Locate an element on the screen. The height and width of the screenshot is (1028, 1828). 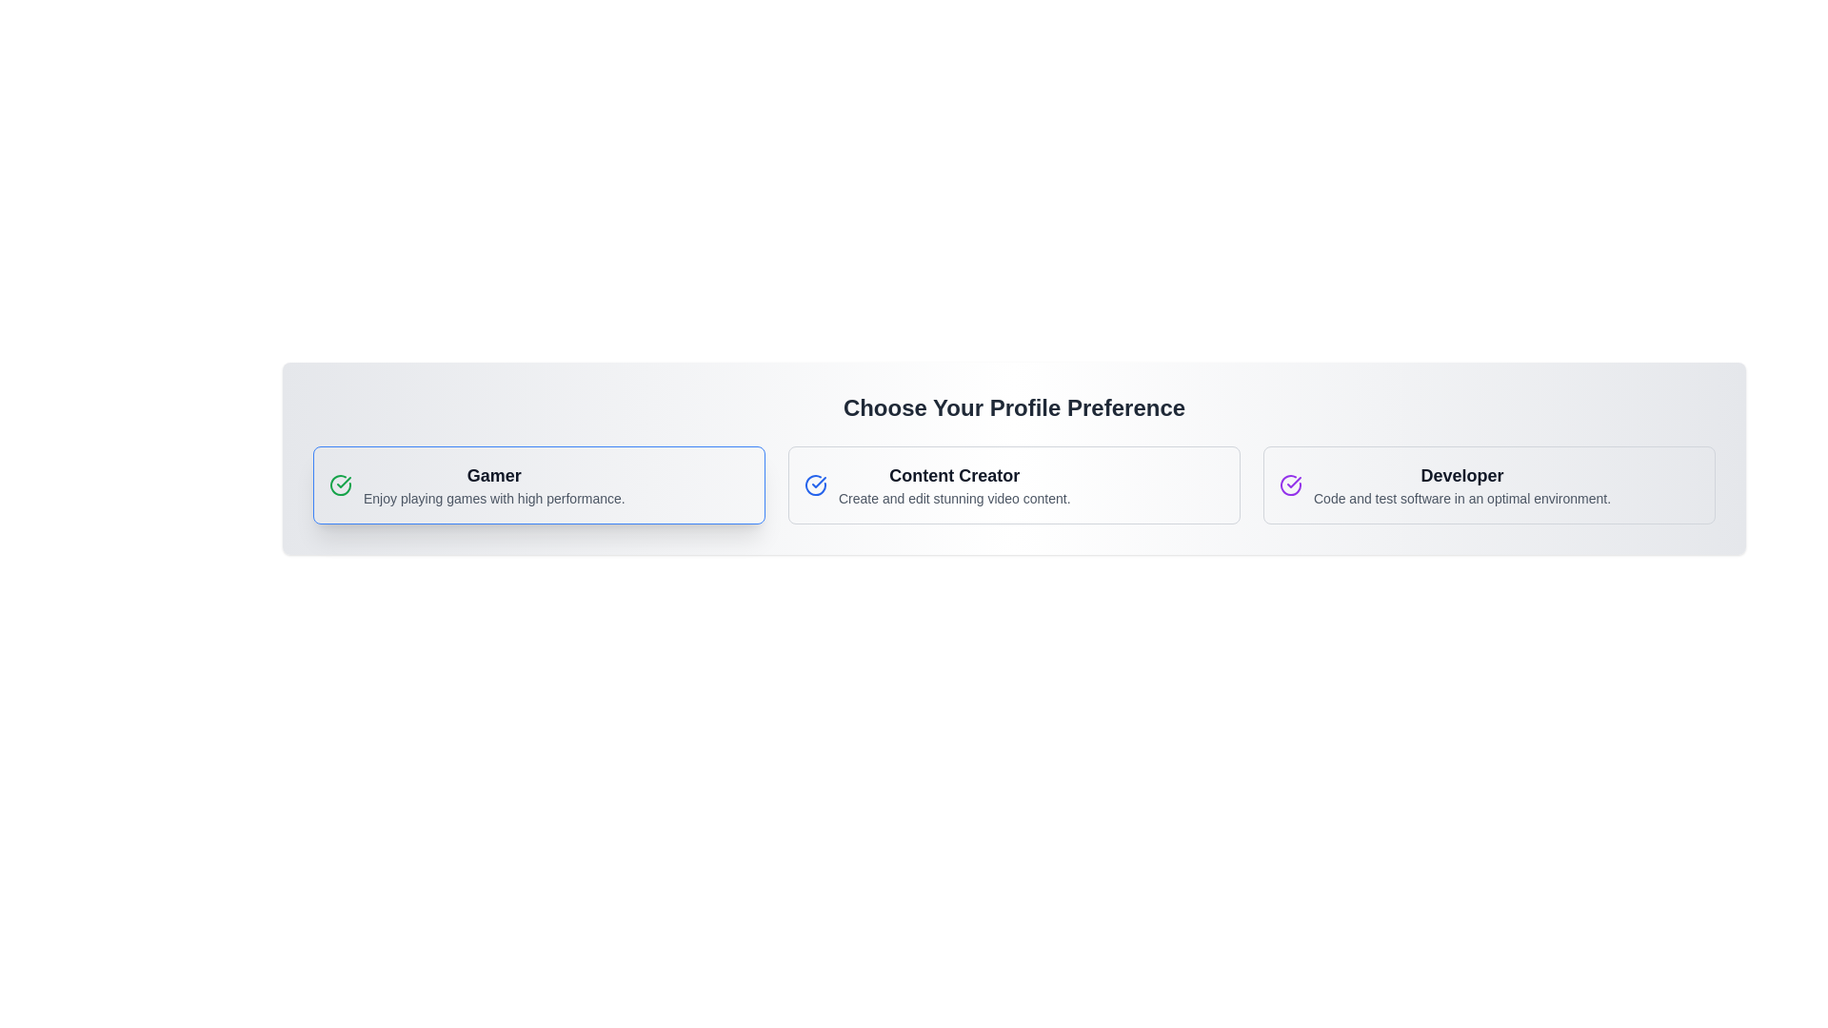
the text snippet reading 'Code and test software in an optimal environment.' which is located below the bold title 'Developer' in the rightmost section of a horizontally arranged group of options is located at coordinates (1461, 498).